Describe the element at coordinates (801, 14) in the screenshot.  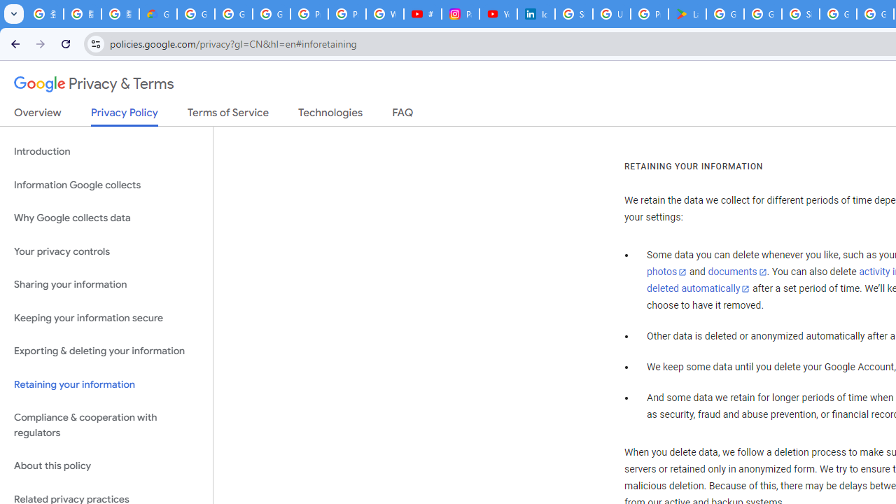
I see `'Sign in - Google Accounts'` at that location.